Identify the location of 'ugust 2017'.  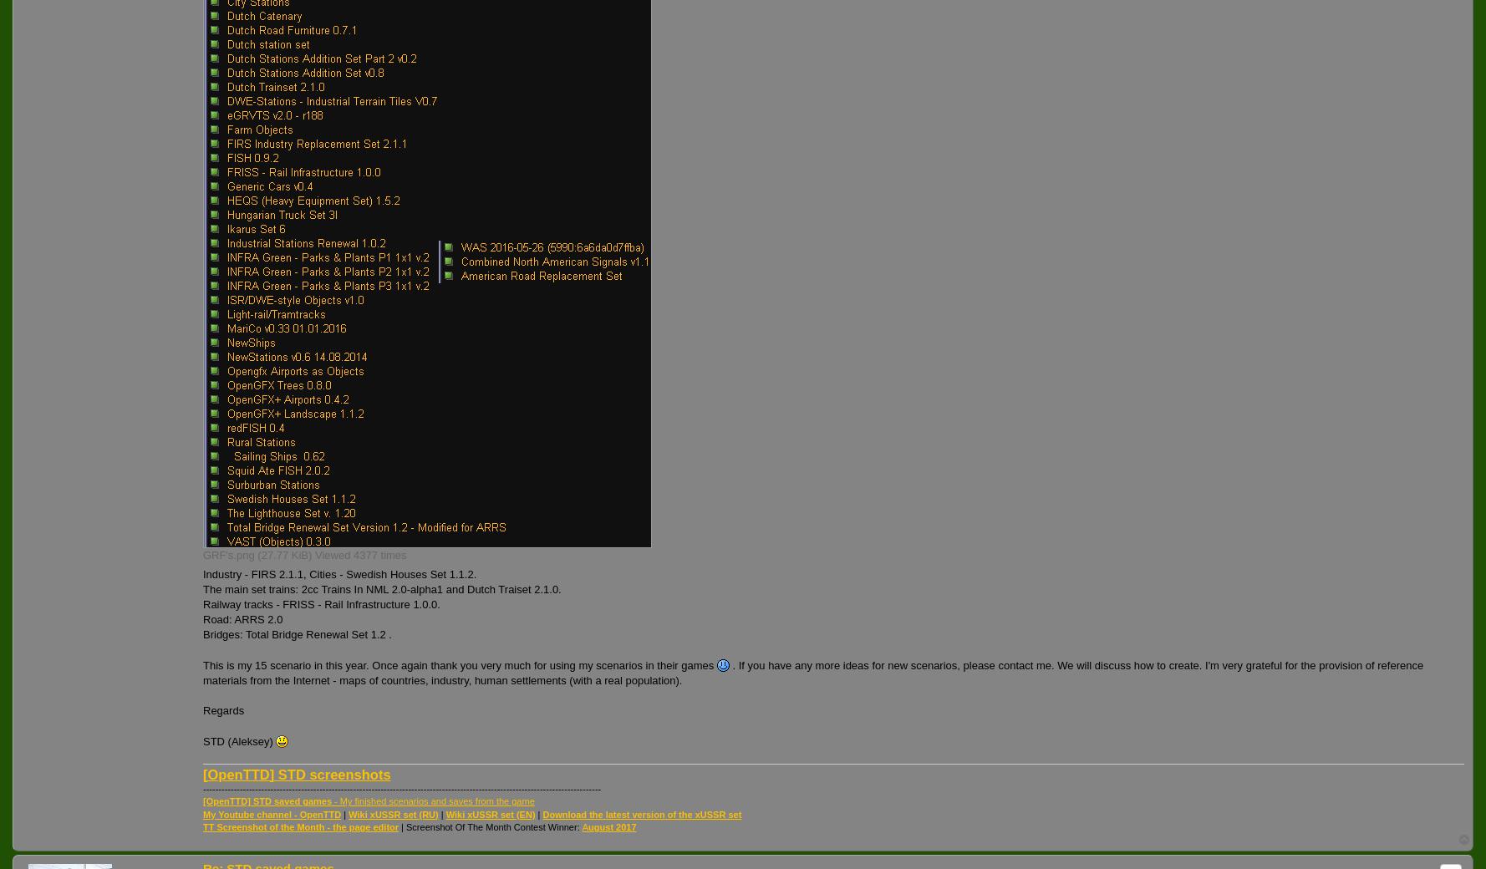
(611, 826).